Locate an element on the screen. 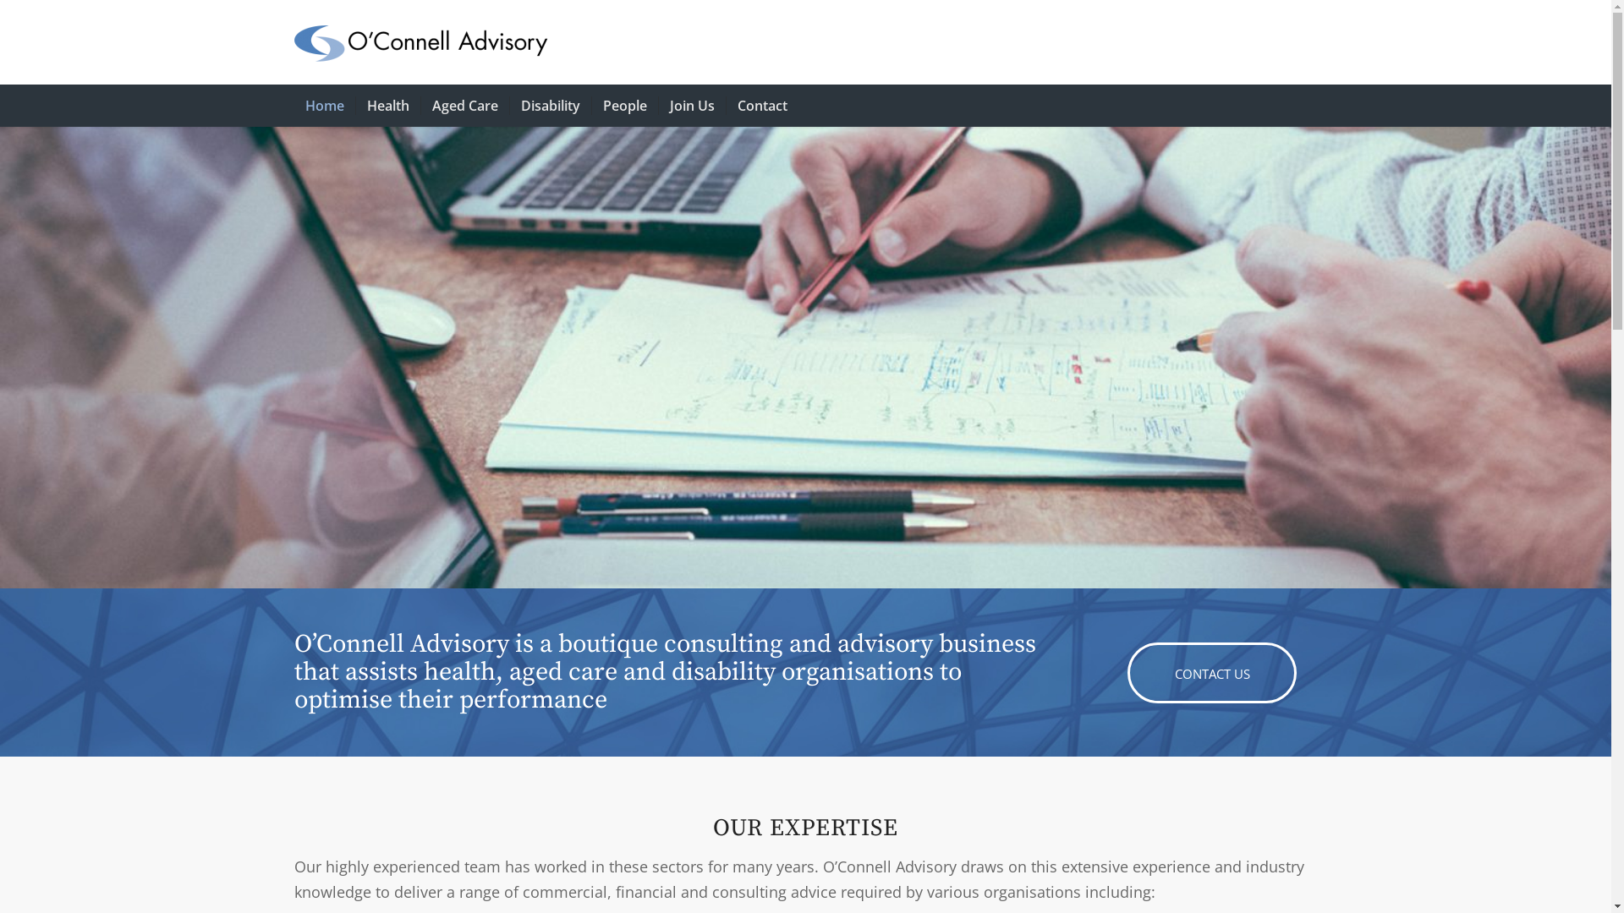 This screenshot has width=1624, height=913. 'Home' is located at coordinates (325, 105).